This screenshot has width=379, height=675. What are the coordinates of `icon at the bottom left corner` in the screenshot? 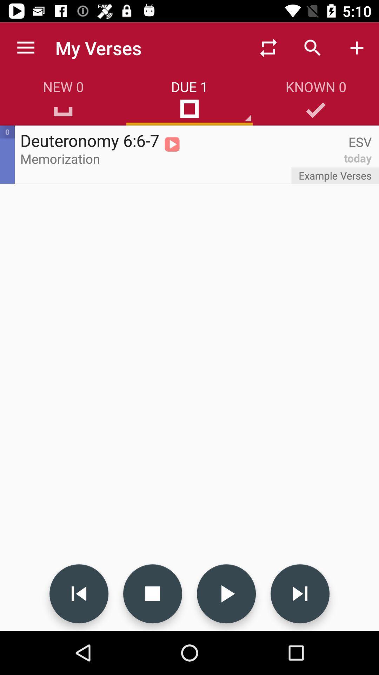 It's located at (79, 593).